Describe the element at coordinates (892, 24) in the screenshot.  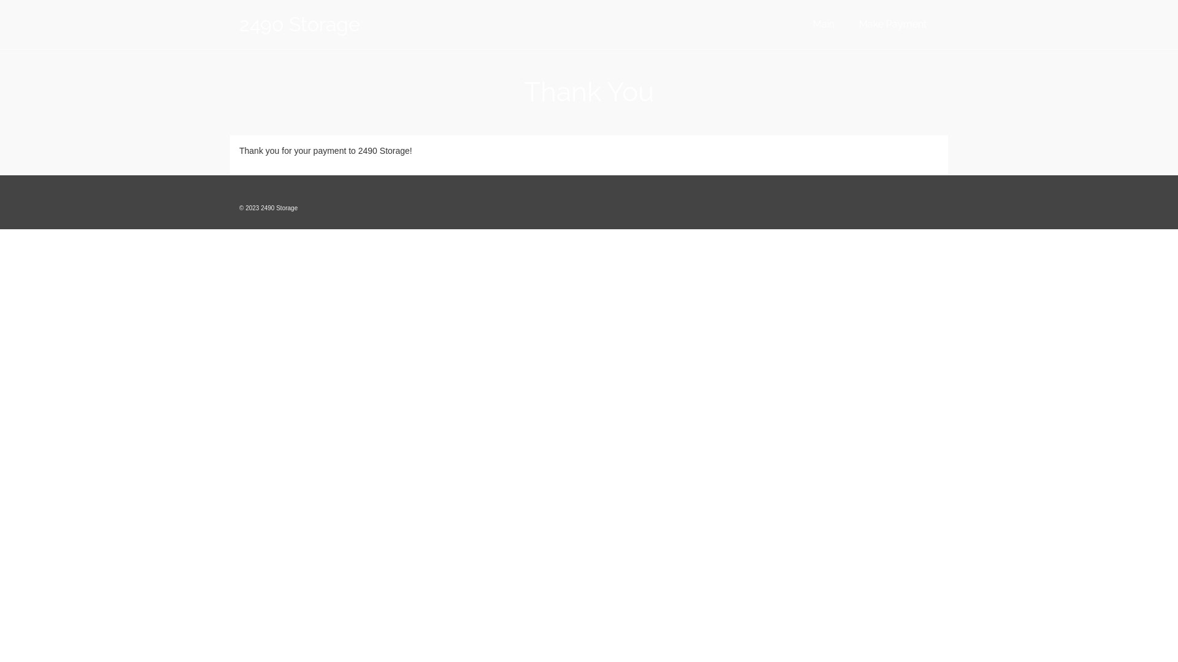
I see `'Make Payment'` at that location.